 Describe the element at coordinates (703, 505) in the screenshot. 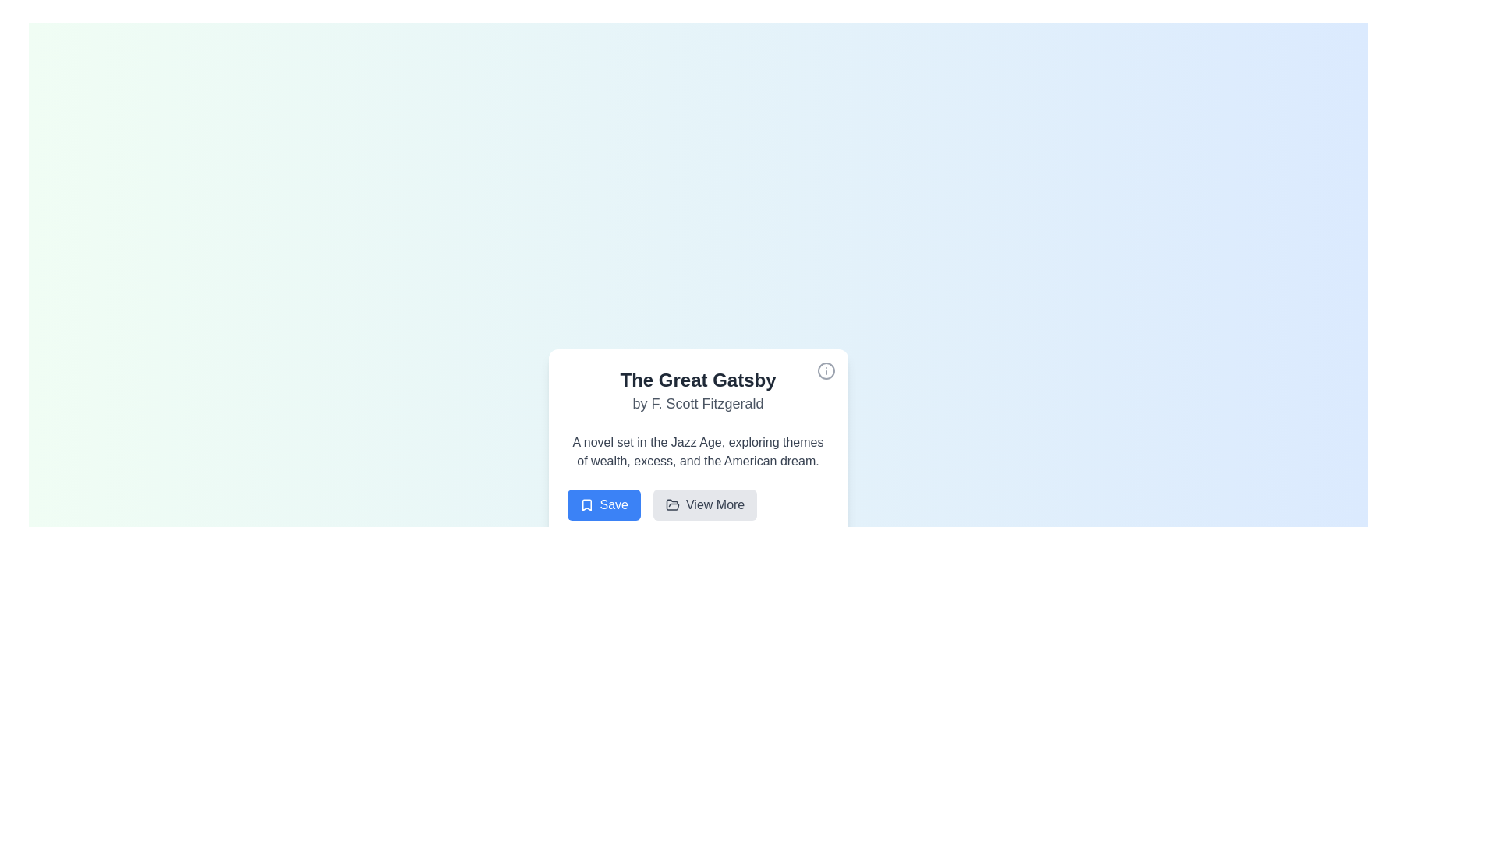

I see `the 'View More' button located at the bottom-right corner of the card displaying information about 'The Great Gatsby'` at that location.